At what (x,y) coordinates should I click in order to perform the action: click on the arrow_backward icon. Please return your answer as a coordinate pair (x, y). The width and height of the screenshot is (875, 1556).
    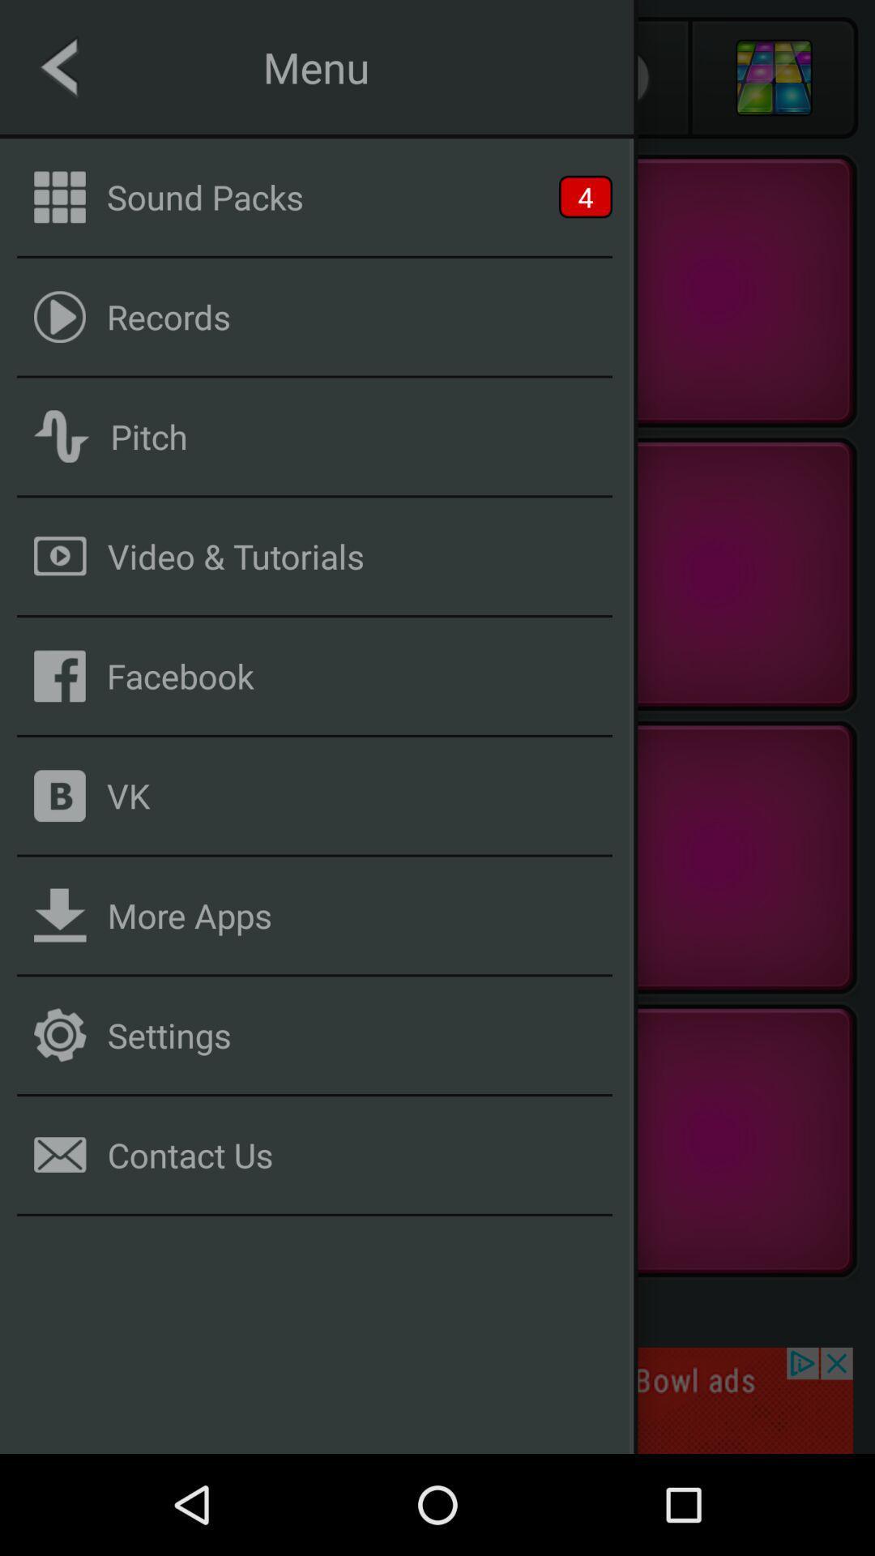
    Looking at the image, I should click on (100, 77).